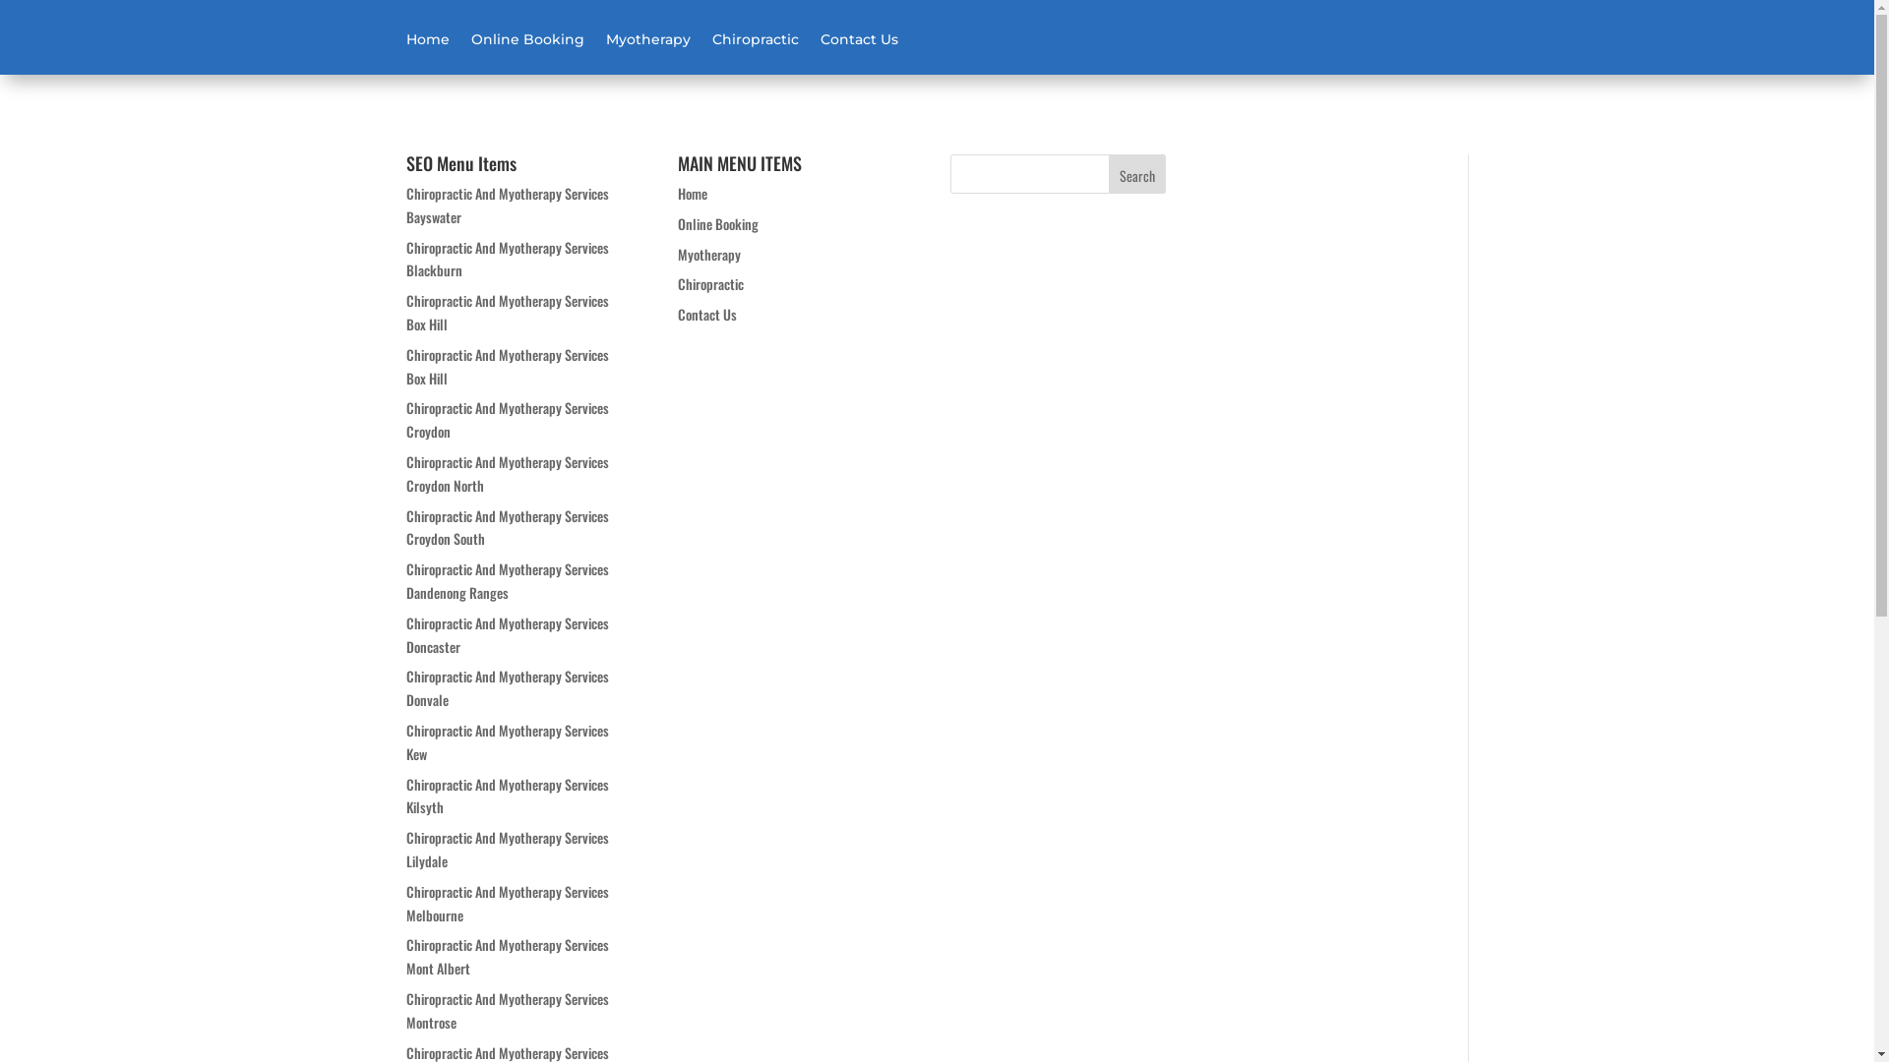 The height and width of the screenshot is (1062, 1889). I want to click on 'Chiropractic And Myotherapy Services Blackburn', so click(404, 258).